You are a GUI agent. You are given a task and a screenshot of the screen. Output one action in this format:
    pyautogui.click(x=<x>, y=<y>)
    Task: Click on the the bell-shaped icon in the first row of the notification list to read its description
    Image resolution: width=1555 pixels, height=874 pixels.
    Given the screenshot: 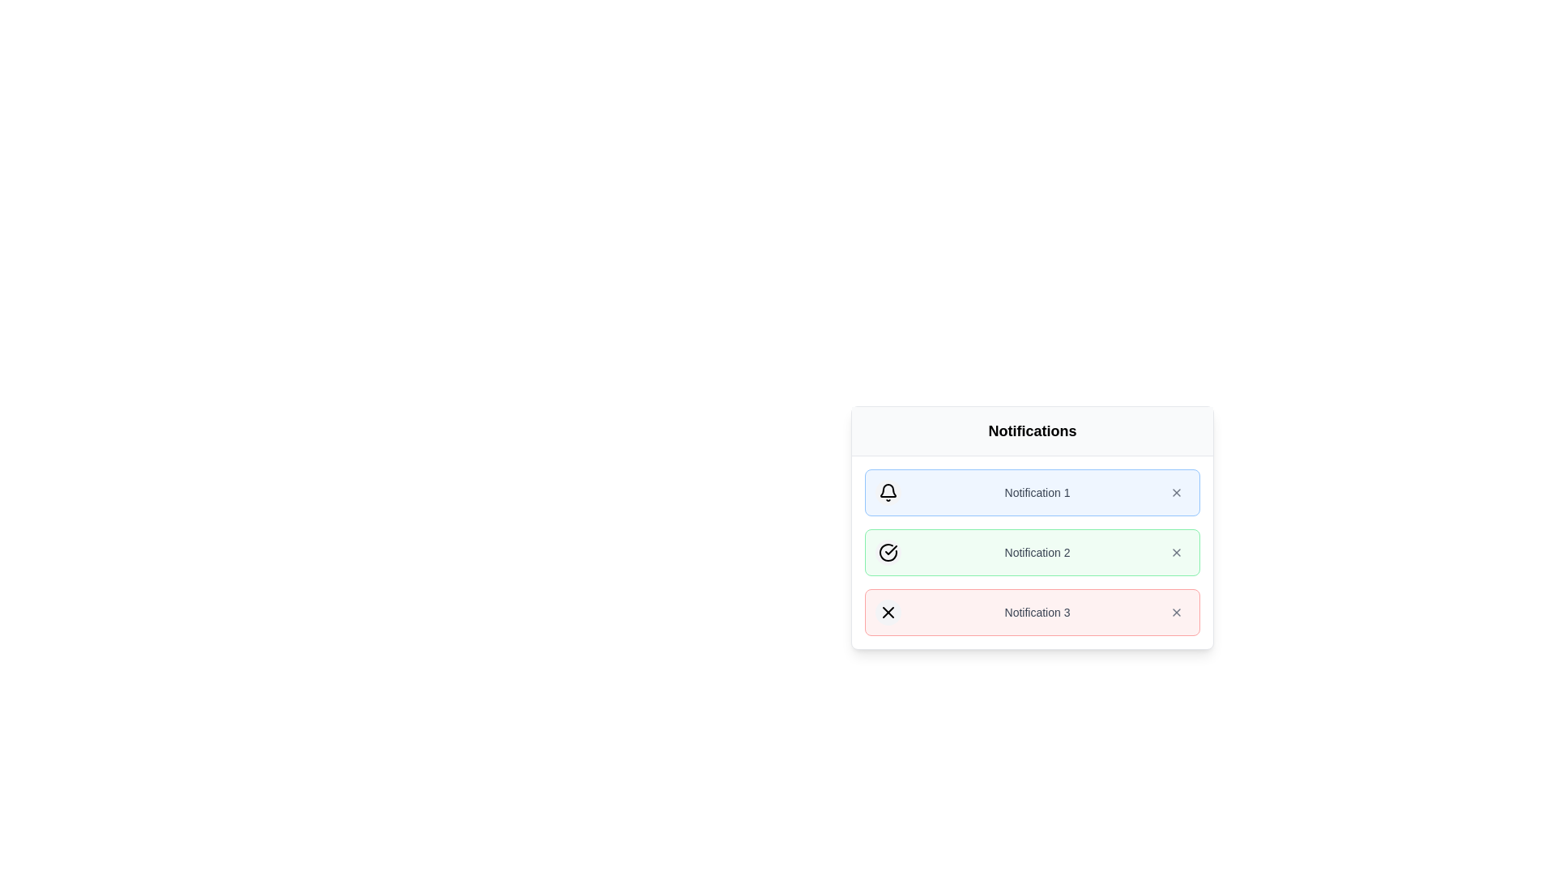 What is the action you would take?
    pyautogui.click(x=888, y=492)
    